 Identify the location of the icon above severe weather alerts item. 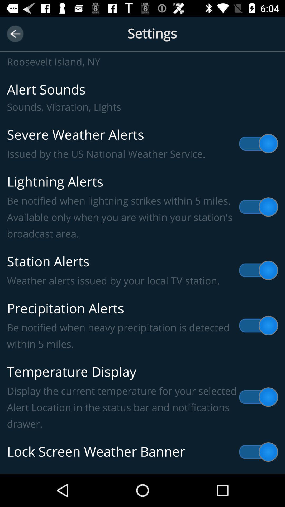
(142, 97).